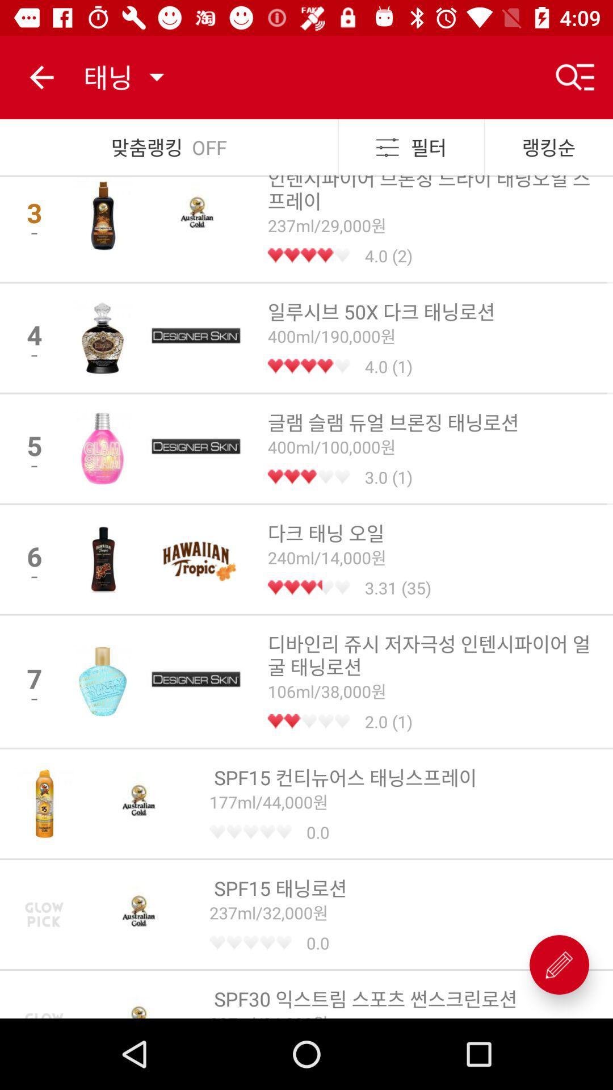 The image size is (613, 1090). Describe the element at coordinates (559, 964) in the screenshot. I see `the edit icon` at that location.